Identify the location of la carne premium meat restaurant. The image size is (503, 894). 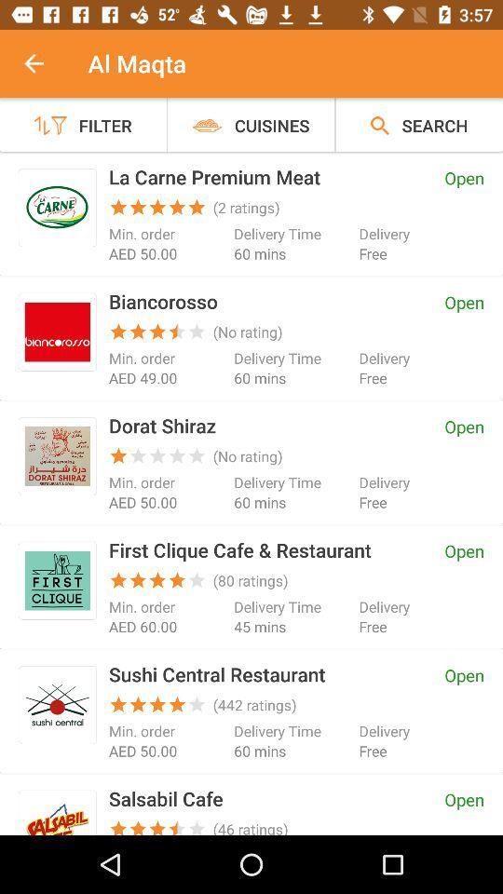
(57, 208).